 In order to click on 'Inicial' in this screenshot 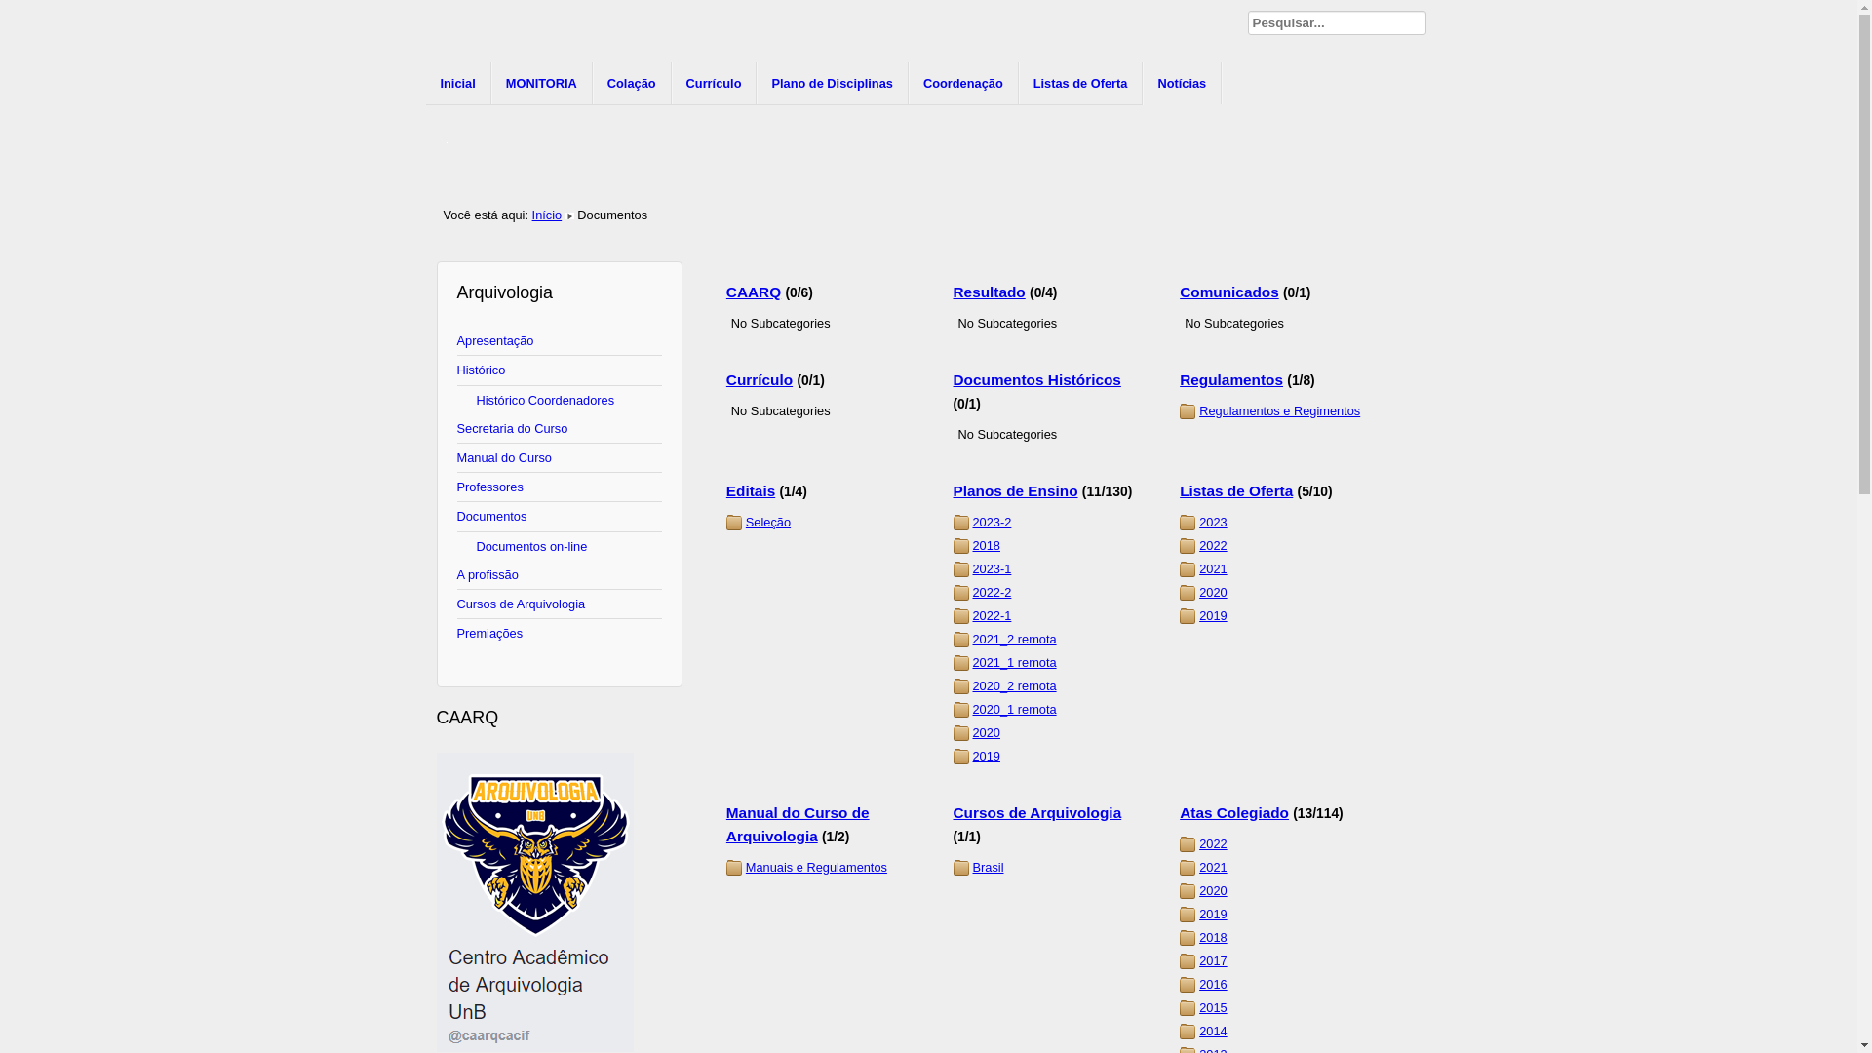, I will do `click(456, 82)`.